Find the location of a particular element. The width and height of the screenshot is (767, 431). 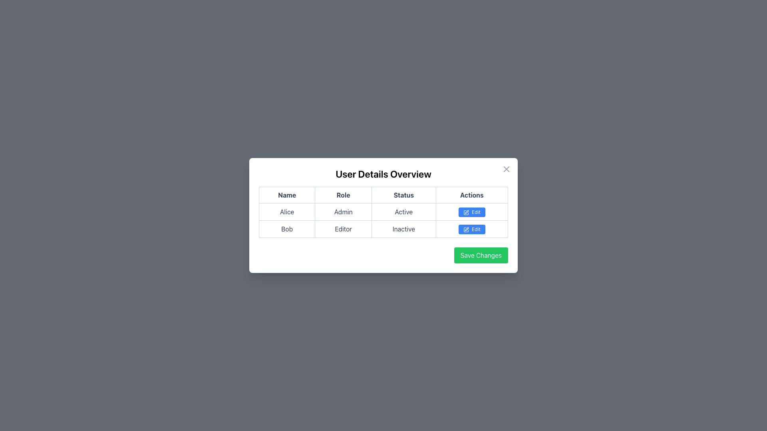

the text label displaying 'Inactive' in the second row, third column of the table for Bob's status is located at coordinates (403, 229).